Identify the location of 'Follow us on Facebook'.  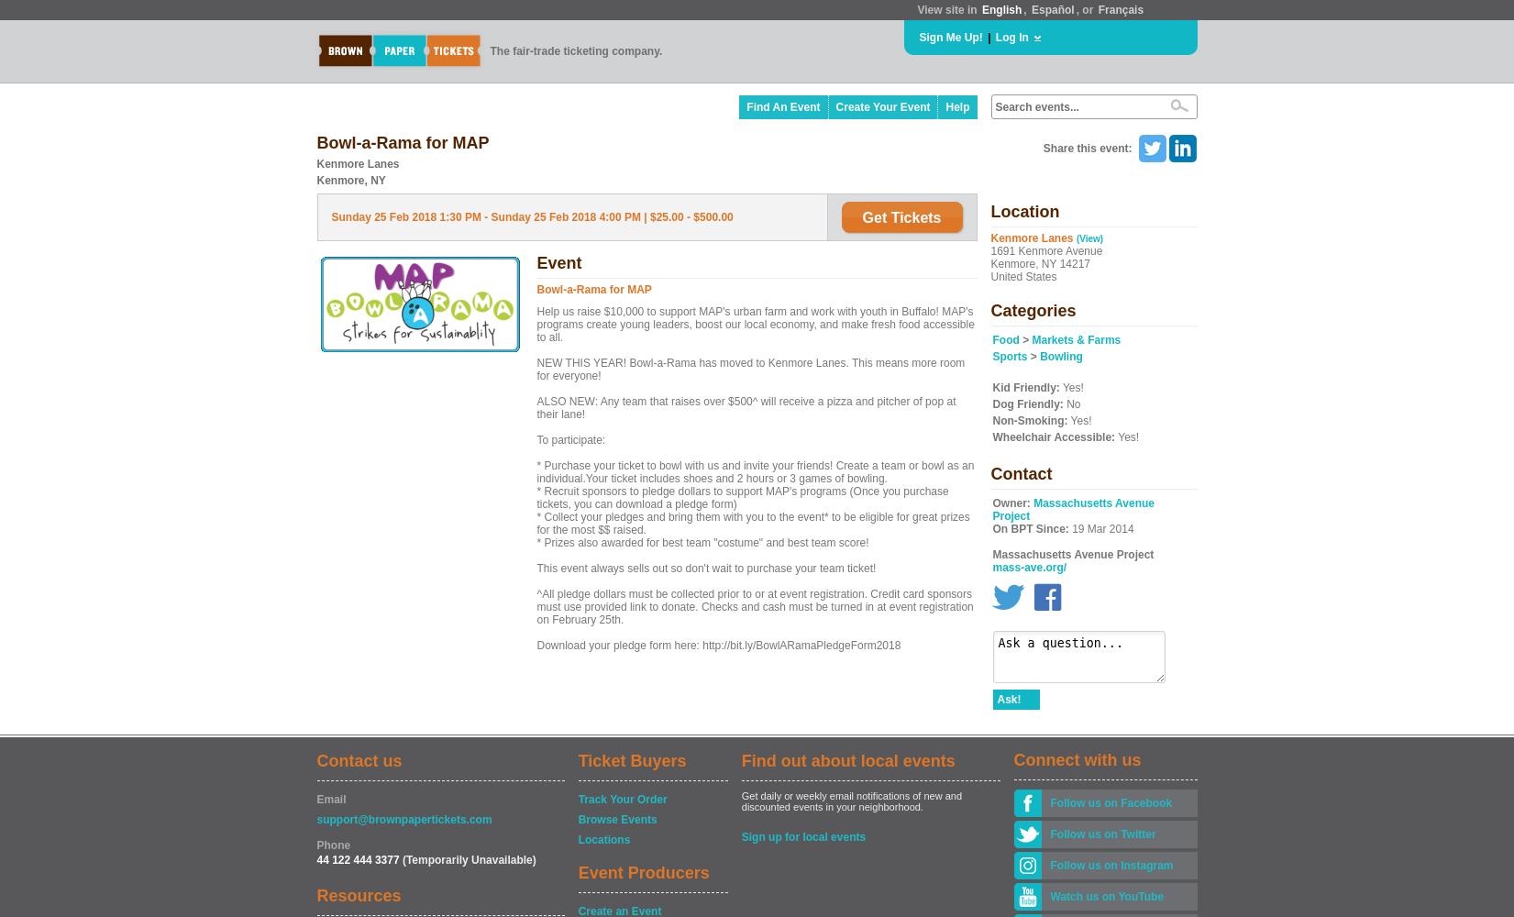
(1110, 803).